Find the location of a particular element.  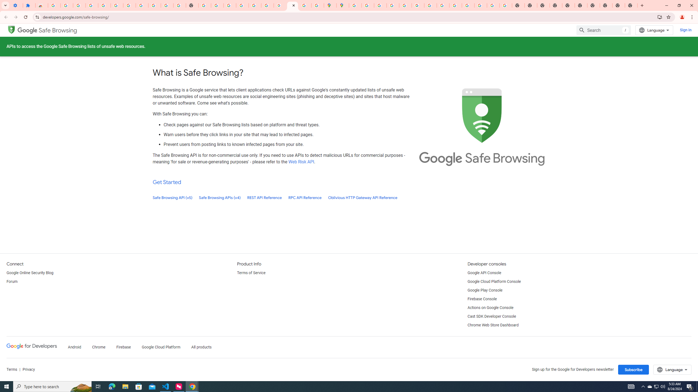

'Firebase' is located at coordinates (123, 347).